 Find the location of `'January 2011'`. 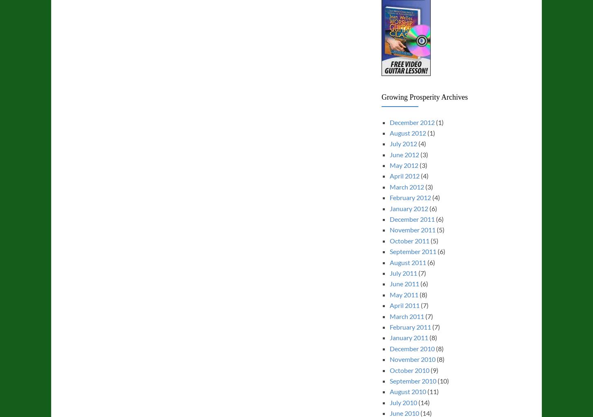

'January 2011' is located at coordinates (409, 337).